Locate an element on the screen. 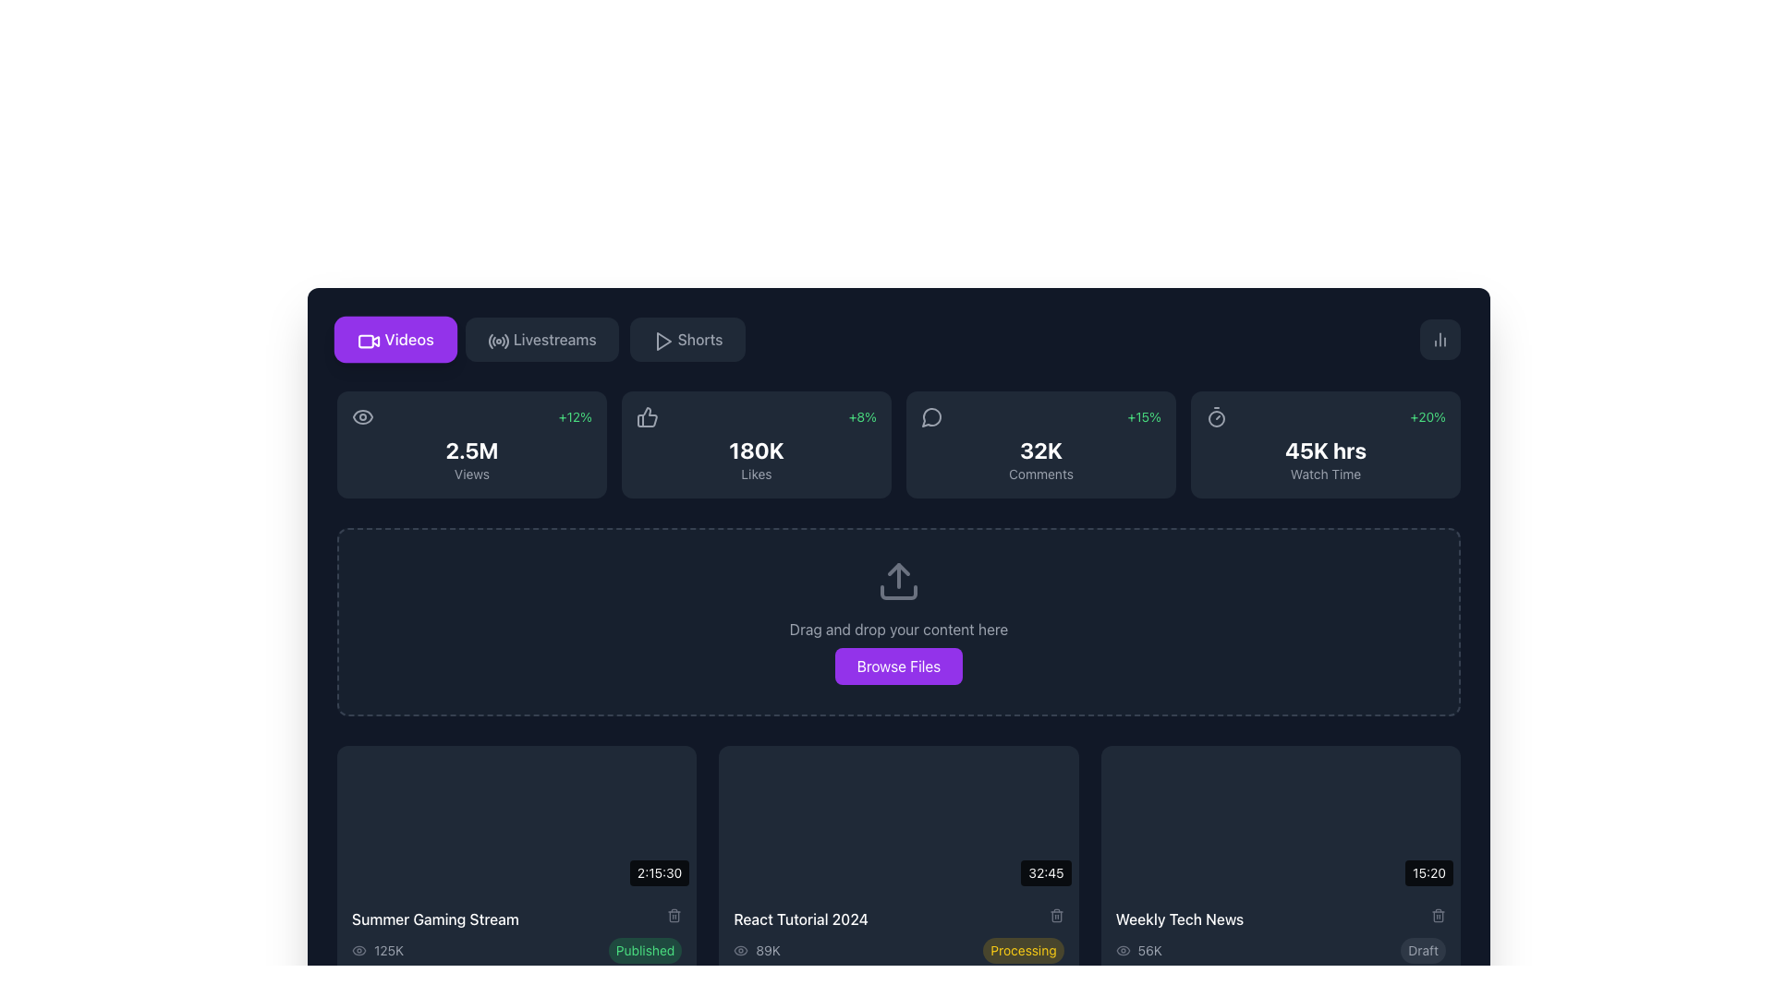 This screenshot has height=997, width=1774. the radio signal icon located in the top navigation bar, which is positioned between the 'Videos' tab and the 'Shorts' tab is located at coordinates (498, 342).